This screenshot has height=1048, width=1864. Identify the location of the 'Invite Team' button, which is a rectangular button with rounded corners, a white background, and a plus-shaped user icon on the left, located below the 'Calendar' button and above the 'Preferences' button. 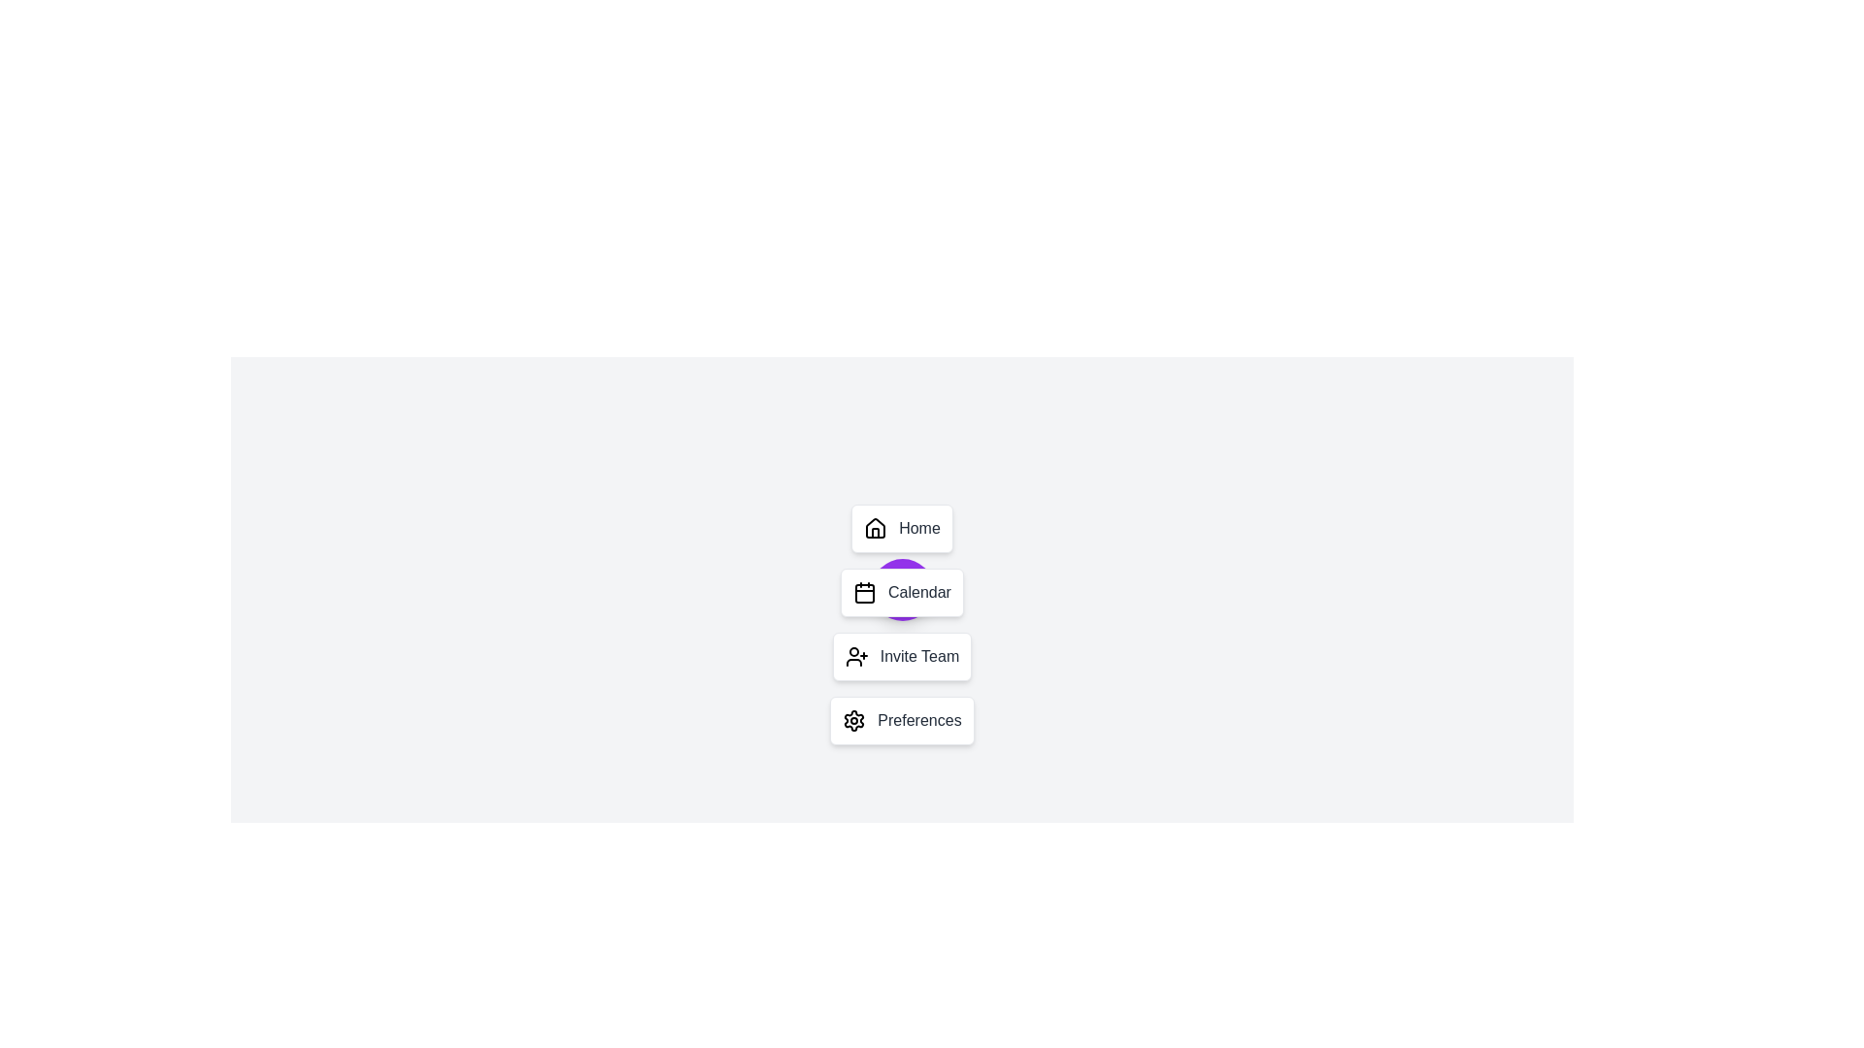
(901, 656).